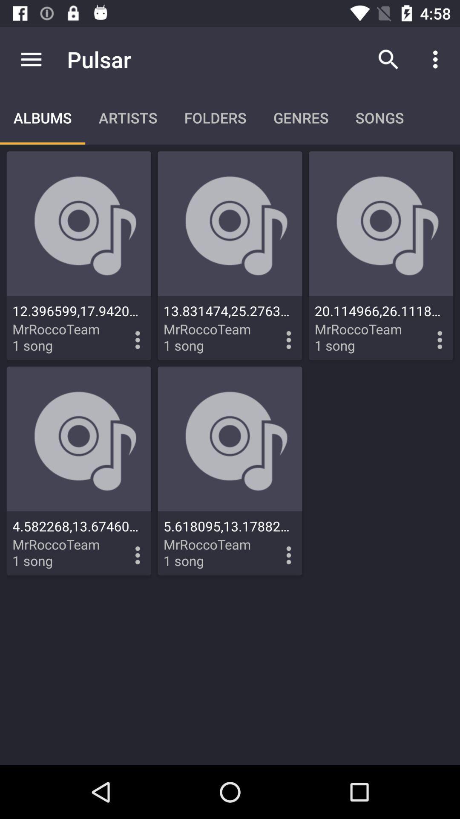 The width and height of the screenshot is (460, 819). Describe the element at coordinates (230, 470) in the screenshot. I see `the second row of second music icon` at that location.